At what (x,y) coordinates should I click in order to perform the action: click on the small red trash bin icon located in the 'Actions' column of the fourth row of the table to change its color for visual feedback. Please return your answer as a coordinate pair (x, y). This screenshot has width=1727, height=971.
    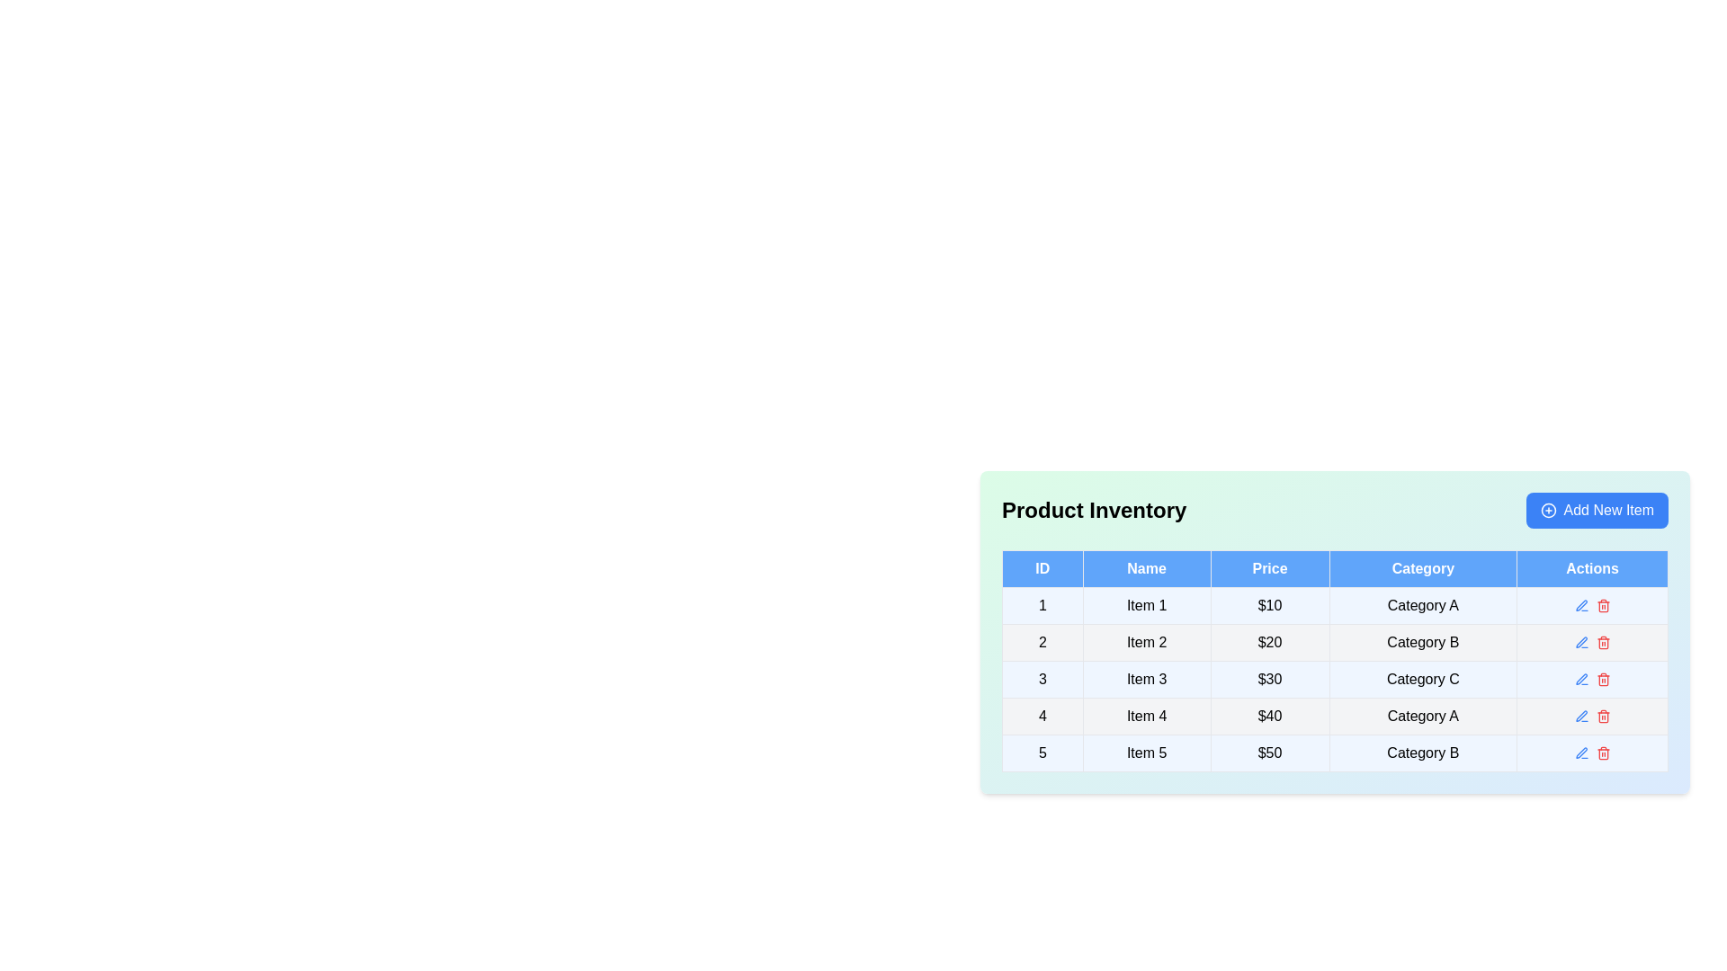
    Looking at the image, I should click on (1603, 716).